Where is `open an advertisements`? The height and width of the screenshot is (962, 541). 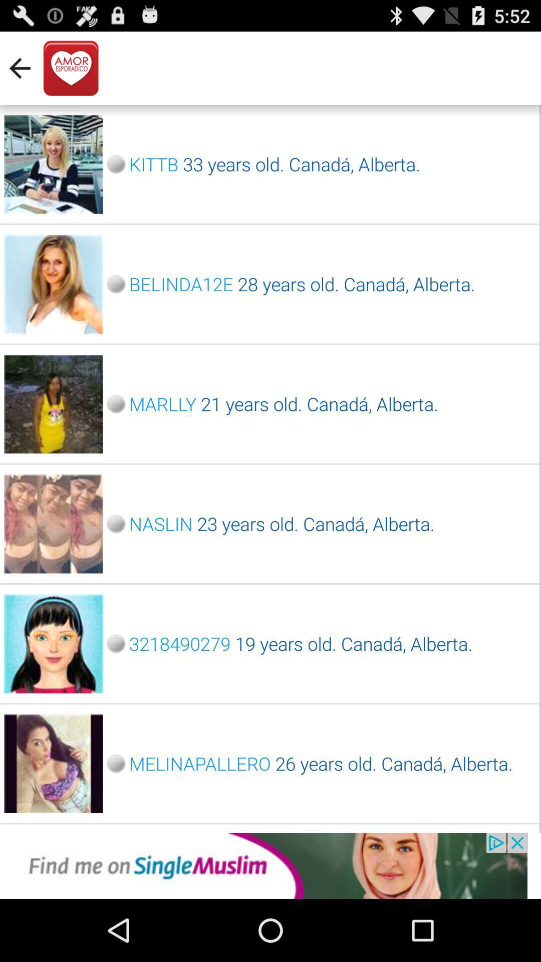 open an advertisements is located at coordinates (270, 865).